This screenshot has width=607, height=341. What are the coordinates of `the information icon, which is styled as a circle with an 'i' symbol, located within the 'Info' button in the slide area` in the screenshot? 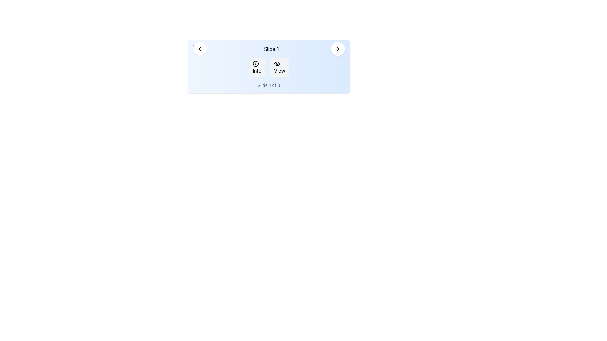 It's located at (256, 63).